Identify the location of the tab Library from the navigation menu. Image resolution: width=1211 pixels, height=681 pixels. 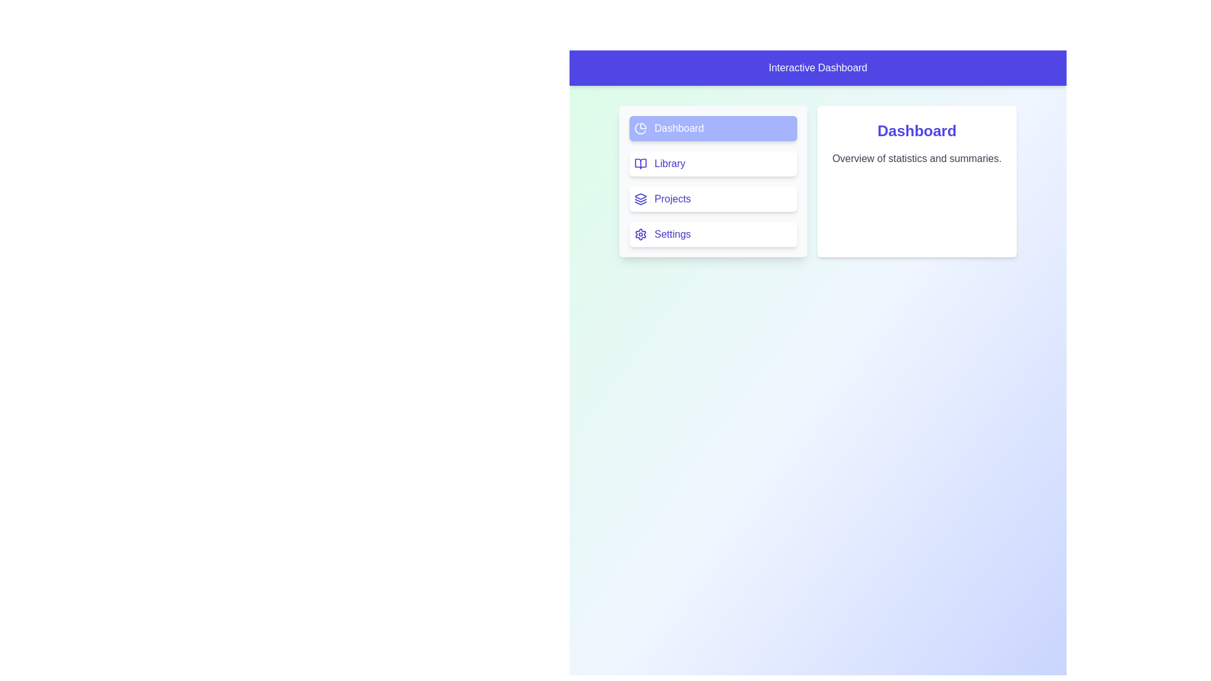
(713, 163).